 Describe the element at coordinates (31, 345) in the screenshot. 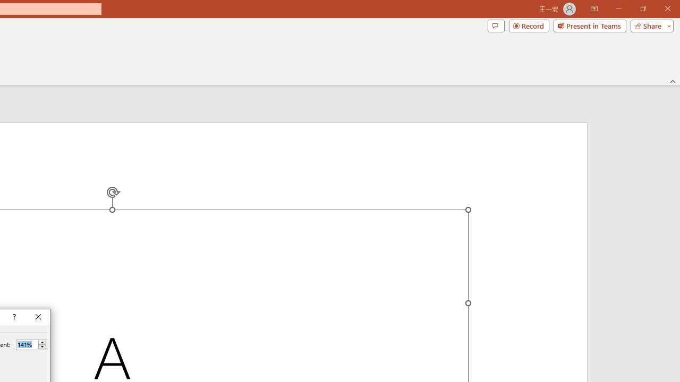

I see `'Percent'` at that location.